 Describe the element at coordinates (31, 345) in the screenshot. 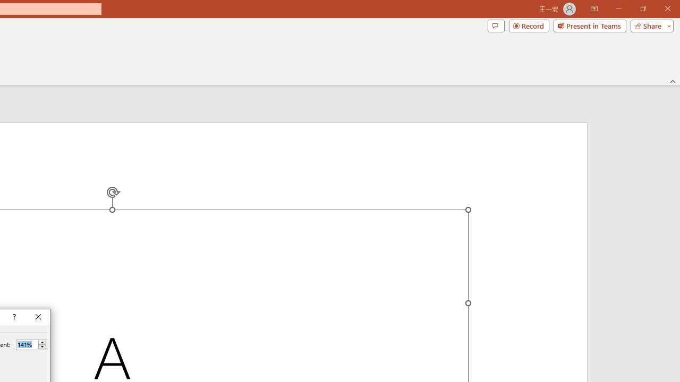

I see `'Percent'` at that location.